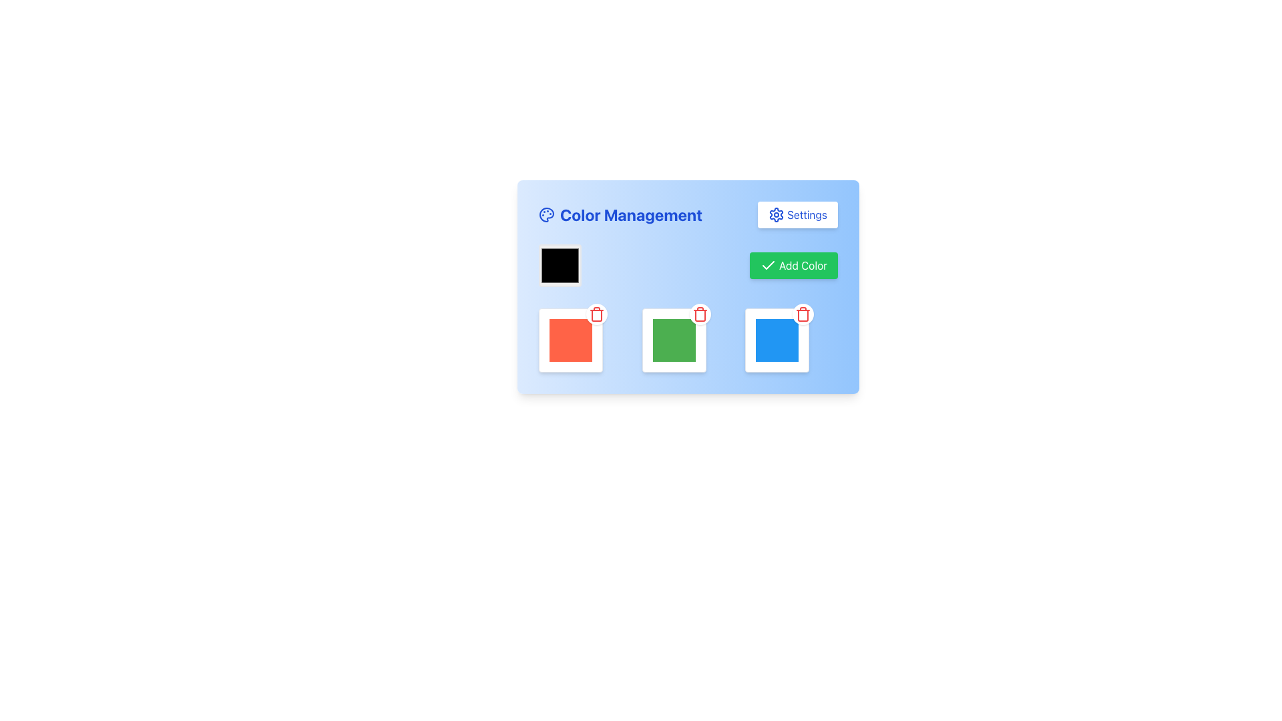 This screenshot has height=721, width=1282. Describe the element at coordinates (560, 265) in the screenshot. I see `the Color Picker Box, which is a square with a black fill and grey border` at that location.